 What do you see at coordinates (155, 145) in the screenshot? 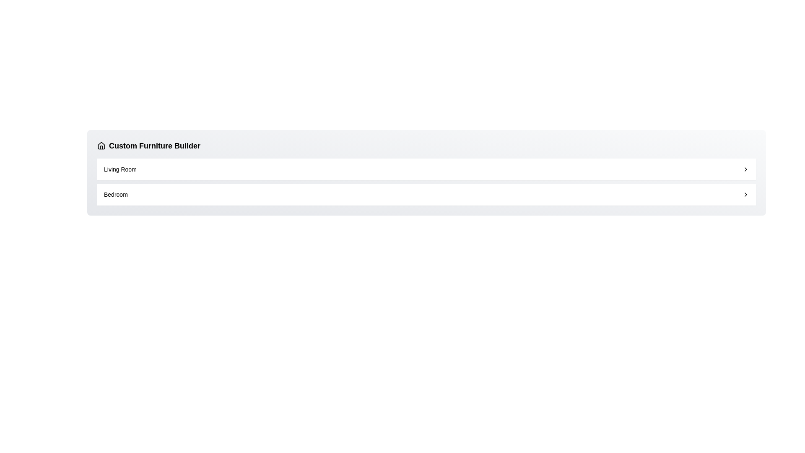
I see `the static text label that reads 'Custom Furniture Builder', which is styled with a bold font and located in the header area of the interface` at bounding box center [155, 145].